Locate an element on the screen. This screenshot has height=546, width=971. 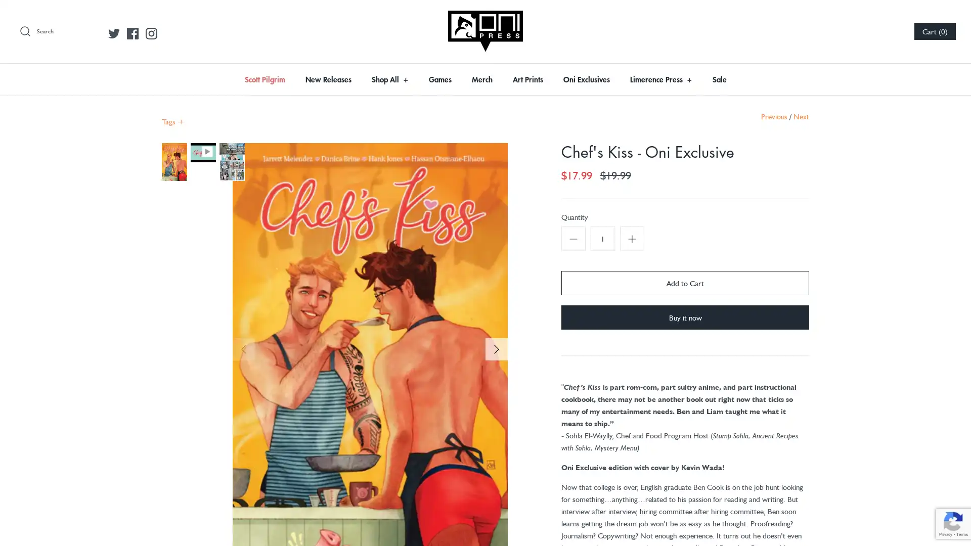
Add to Cart is located at coordinates (685, 283).